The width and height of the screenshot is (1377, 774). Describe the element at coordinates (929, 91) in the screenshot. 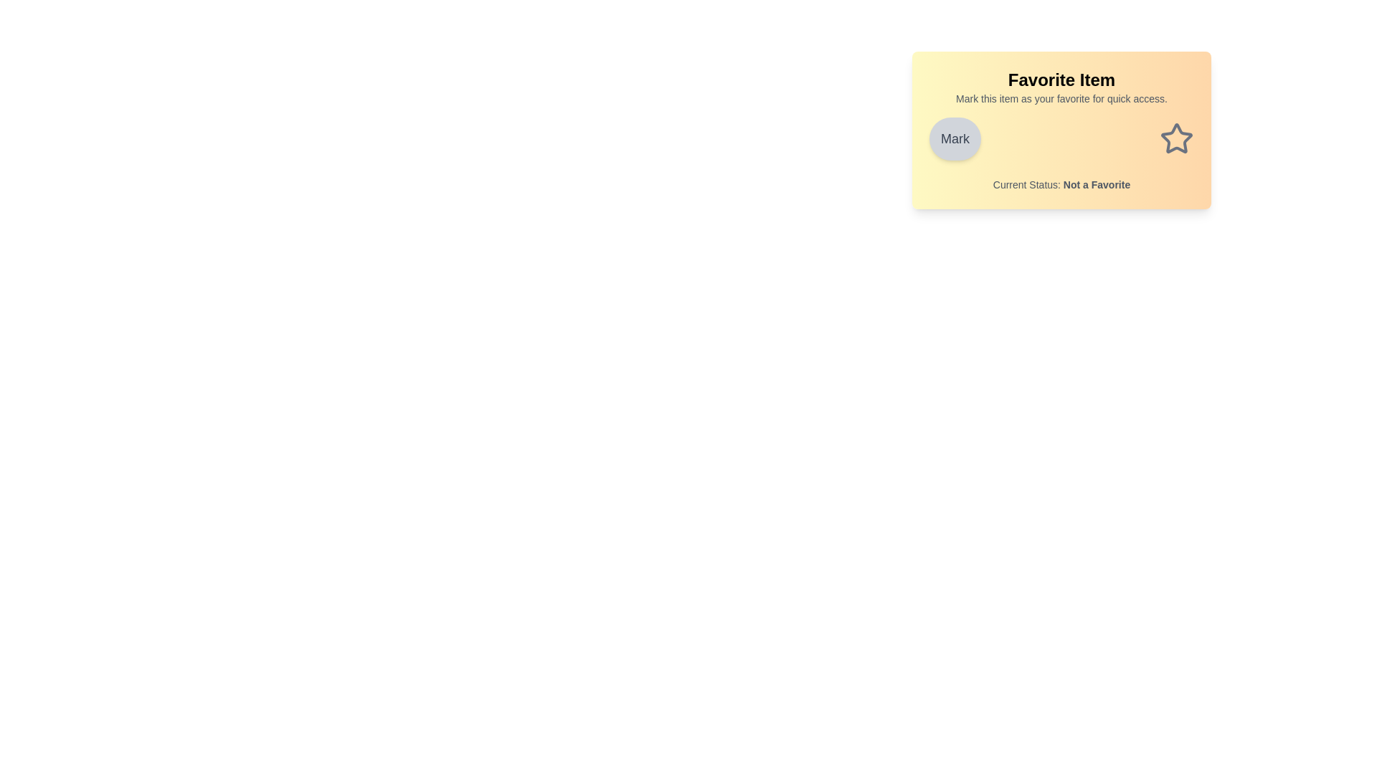

I see `the descriptive text and status information by selecting the text block` at that location.